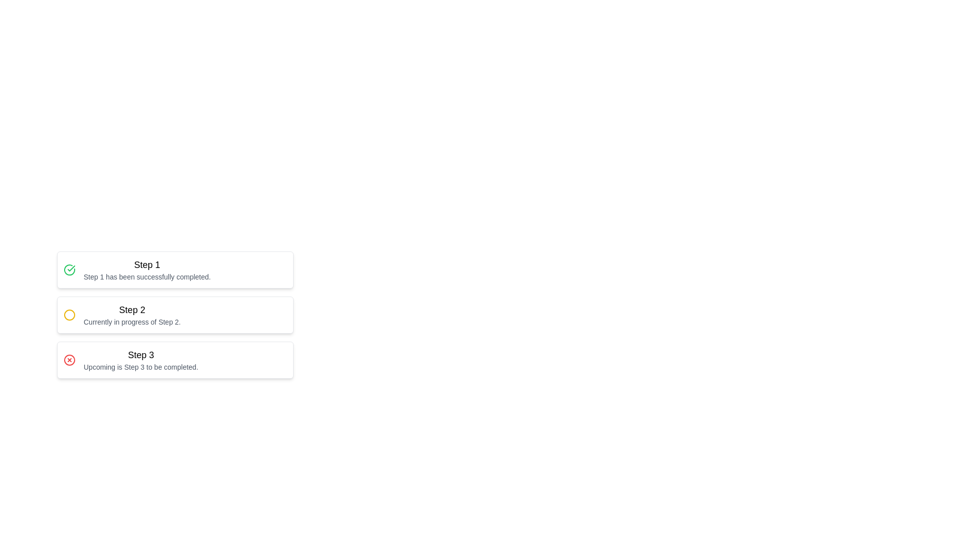 This screenshot has height=541, width=962. Describe the element at coordinates (131, 314) in the screenshot. I see `the text display component indicating 'Step 2', which shows the status 'Currently in progress of Step 2.'` at that location.